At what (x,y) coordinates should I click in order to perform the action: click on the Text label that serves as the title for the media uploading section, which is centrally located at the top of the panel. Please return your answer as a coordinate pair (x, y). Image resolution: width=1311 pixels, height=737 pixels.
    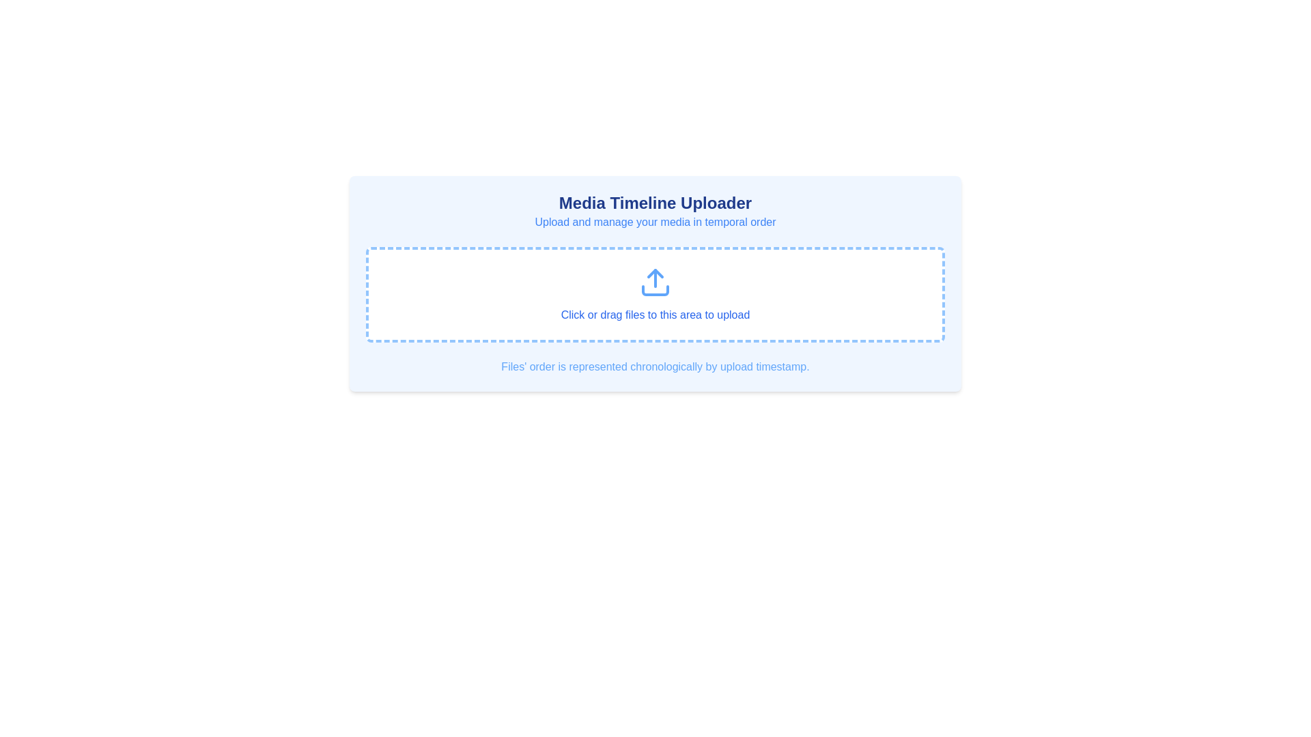
    Looking at the image, I should click on (655, 203).